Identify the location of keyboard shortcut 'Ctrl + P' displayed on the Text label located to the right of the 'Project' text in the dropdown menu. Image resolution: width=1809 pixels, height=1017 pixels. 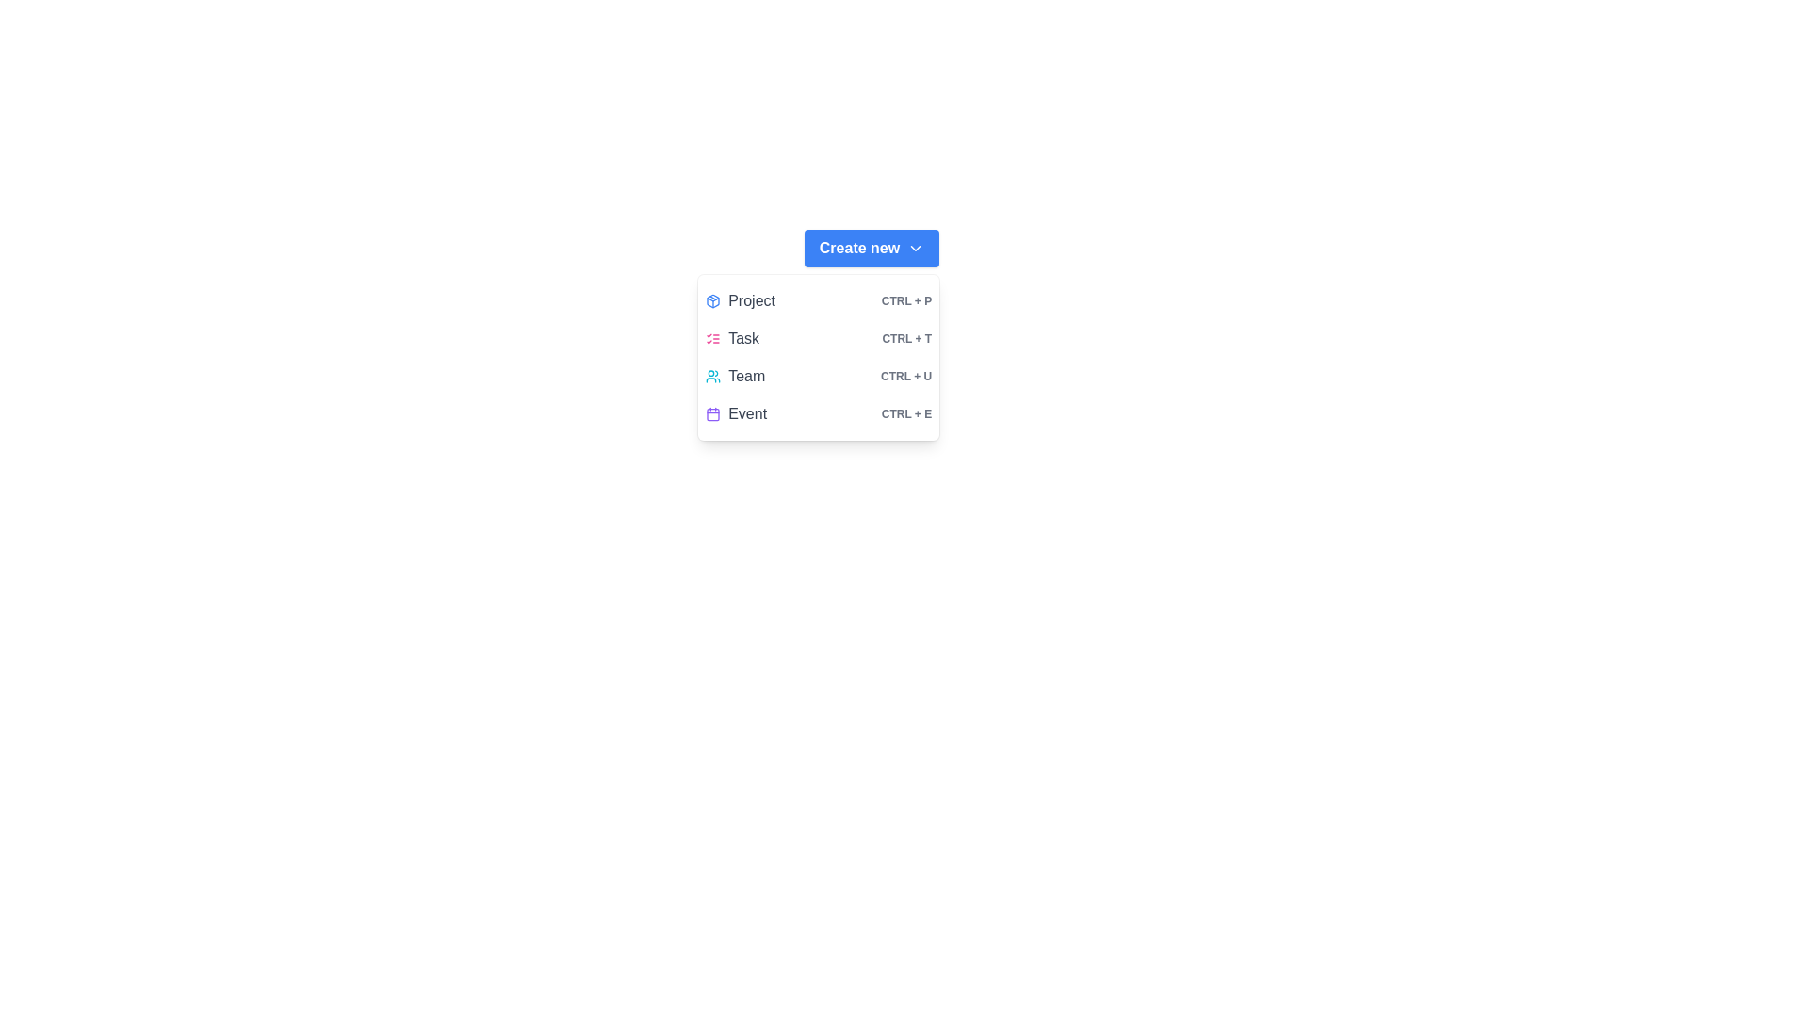
(906, 300).